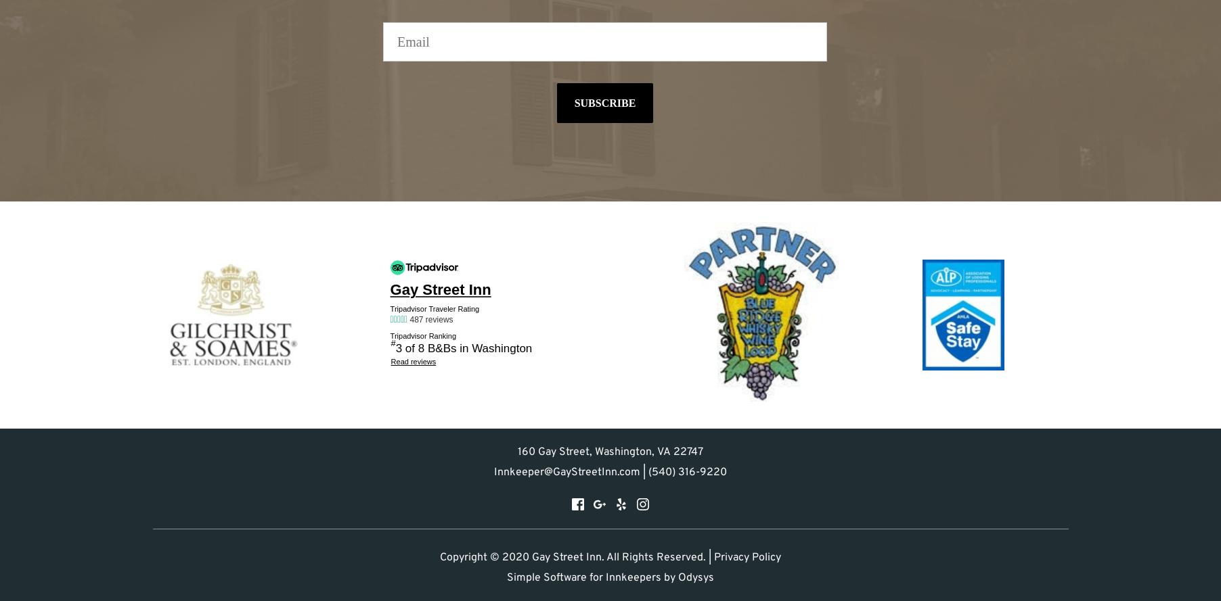 The image size is (1221, 601). Describe the element at coordinates (434, 308) in the screenshot. I see `'Tripadvisor Traveler Rating'` at that location.